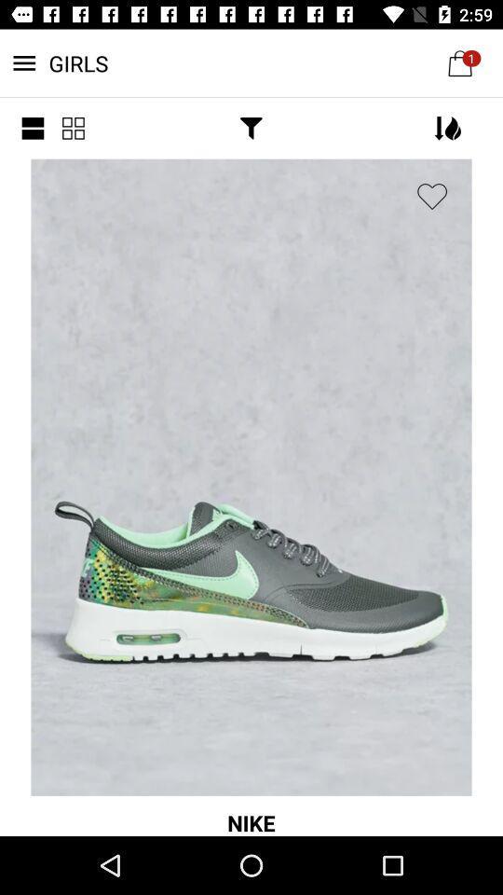 The image size is (503, 895). I want to click on the filter icon, so click(449, 127).